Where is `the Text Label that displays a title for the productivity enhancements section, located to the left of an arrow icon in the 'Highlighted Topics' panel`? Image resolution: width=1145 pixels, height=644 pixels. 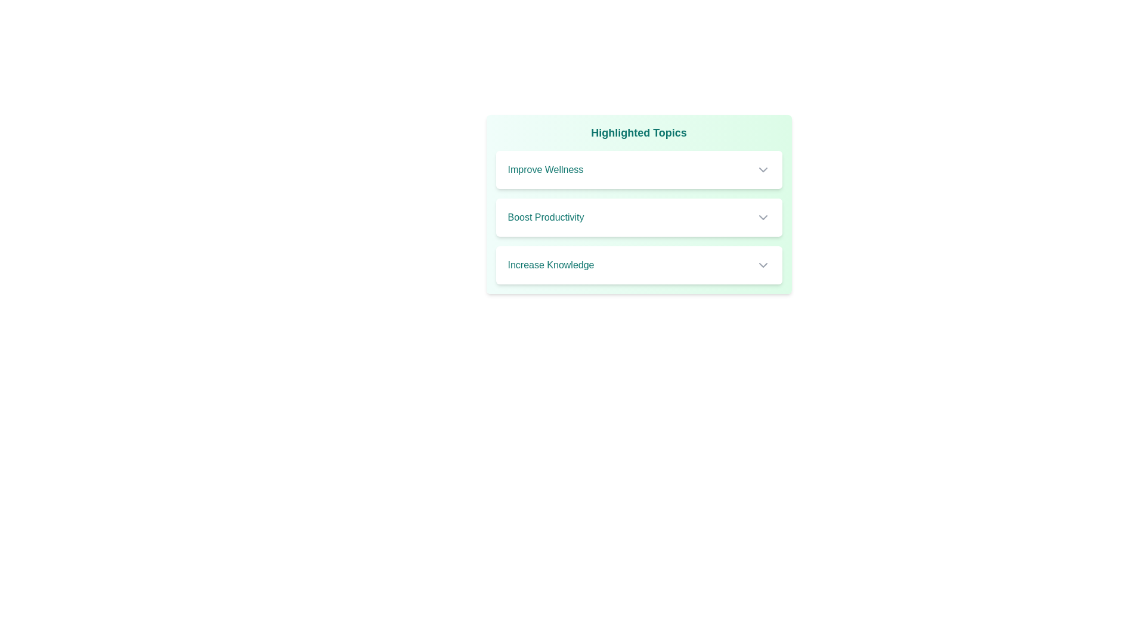
the Text Label that displays a title for the productivity enhancements section, located to the left of an arrow icon in the 'Highlighted Topics' panel is located at coordinates (545, 218).